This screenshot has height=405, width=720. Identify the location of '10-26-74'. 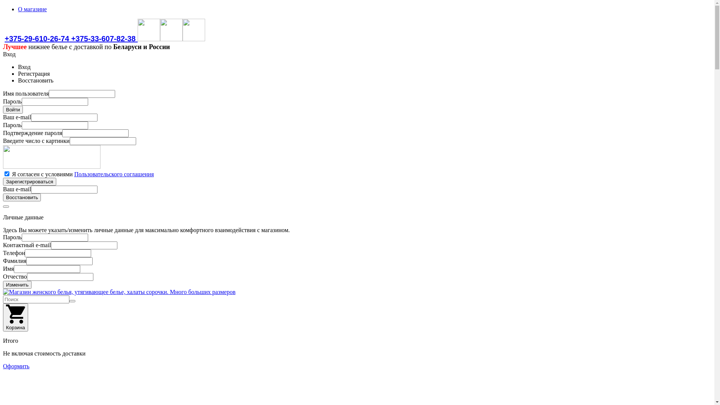
(54, 39).